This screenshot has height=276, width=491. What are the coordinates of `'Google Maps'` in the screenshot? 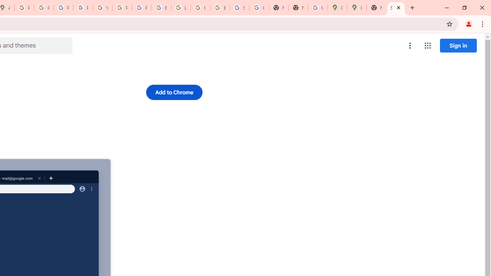 It's located at (356, 8).